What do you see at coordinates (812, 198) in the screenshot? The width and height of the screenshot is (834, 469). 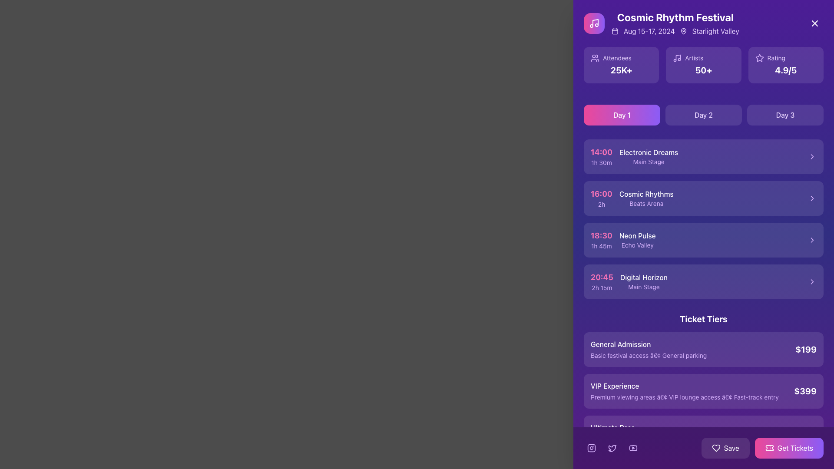 I see `the rightward chevron icon within the list item for '16:00 Cosmic Rhythms Beats Arena'` at bounding box center [812, 198].